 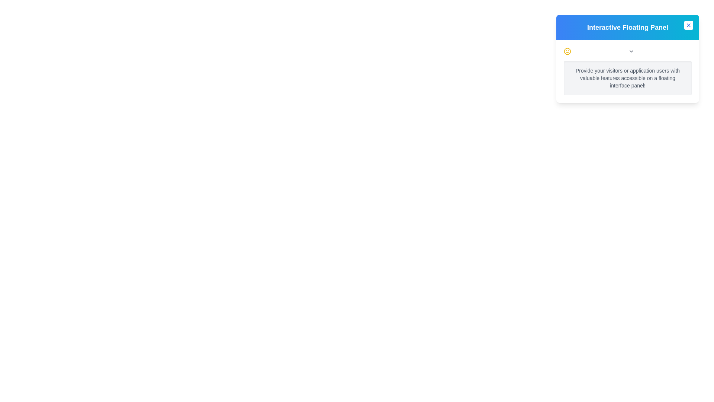 What do you see at coordinates (627, 78) in the screenshot?
I see `the text box with a gray background and rounded corners that contains the message about providing valuable features on a floating interface panel` at bounding box center [627, 78].